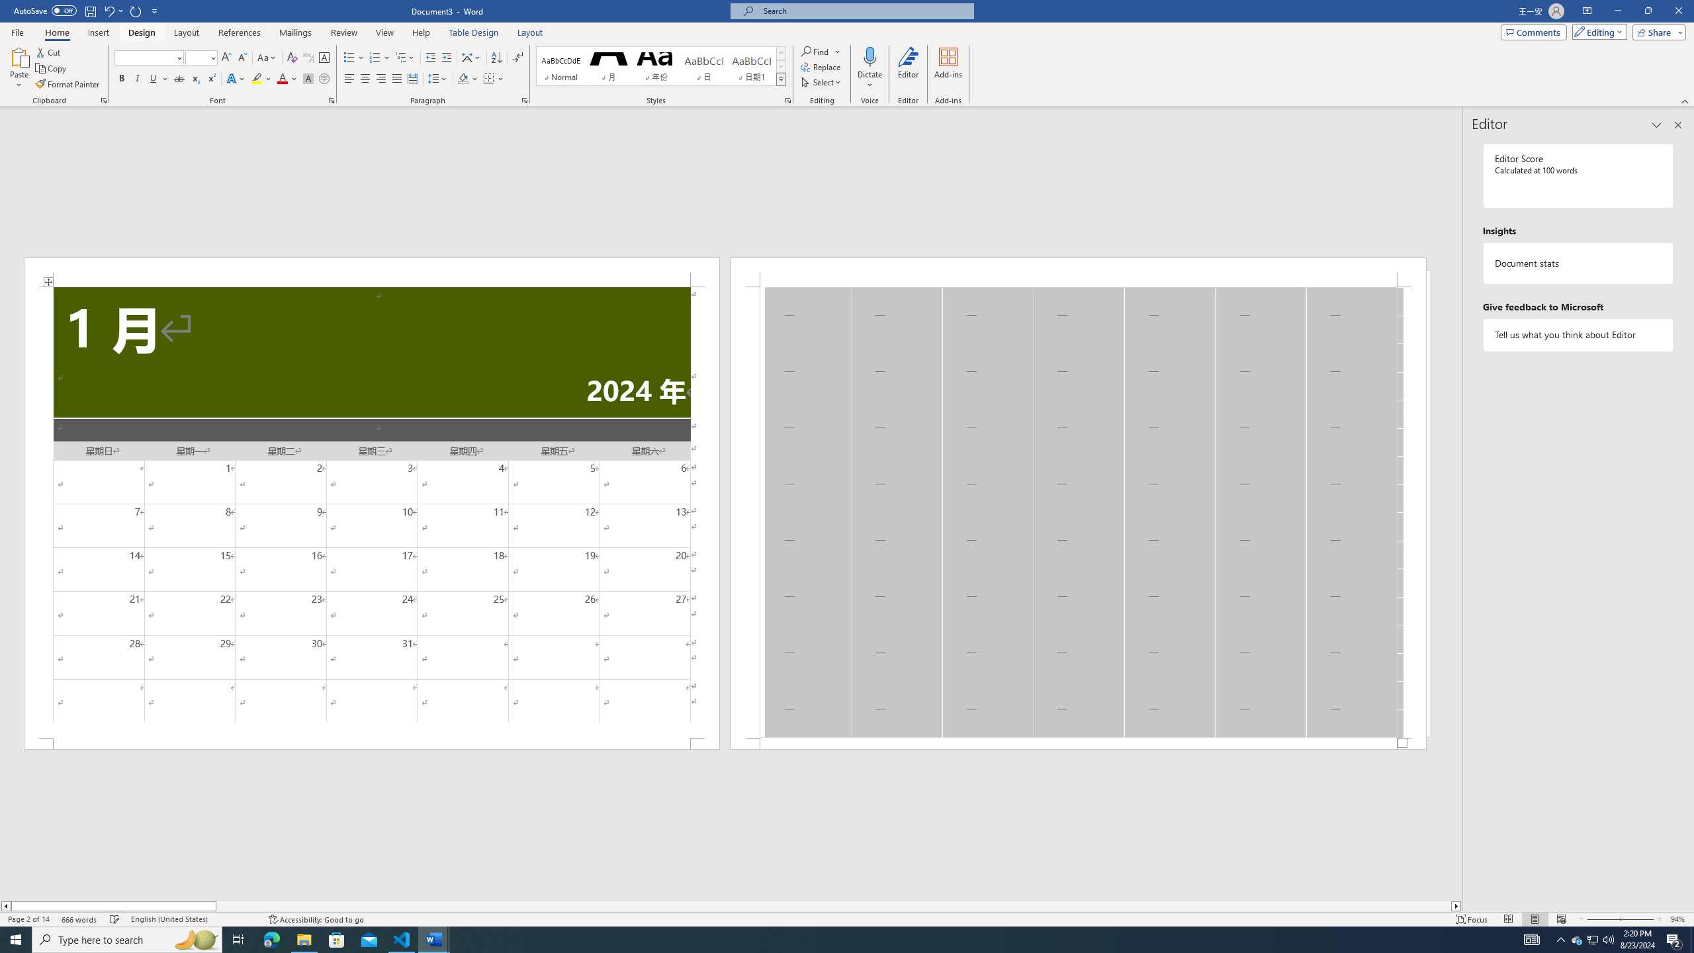 The width and height of the screenshot is (1694, 953). I want to click on 'Tell us what you think about Editor', so click(1578, 334).